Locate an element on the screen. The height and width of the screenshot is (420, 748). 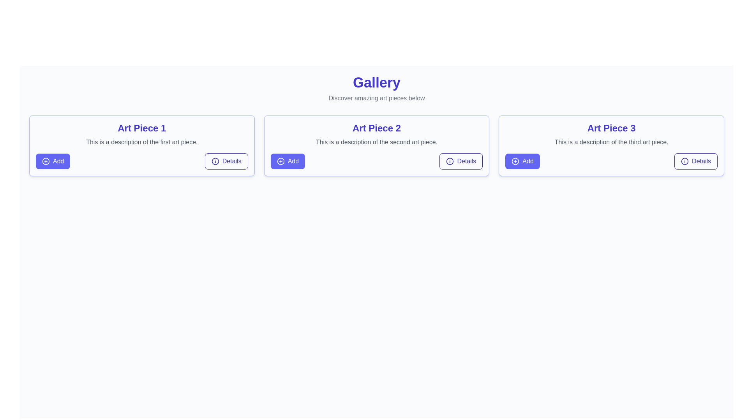
the card component that displays information about an art piece, which is the third item in a grid layout, for visual feedback is located at coordinates (611, 145).